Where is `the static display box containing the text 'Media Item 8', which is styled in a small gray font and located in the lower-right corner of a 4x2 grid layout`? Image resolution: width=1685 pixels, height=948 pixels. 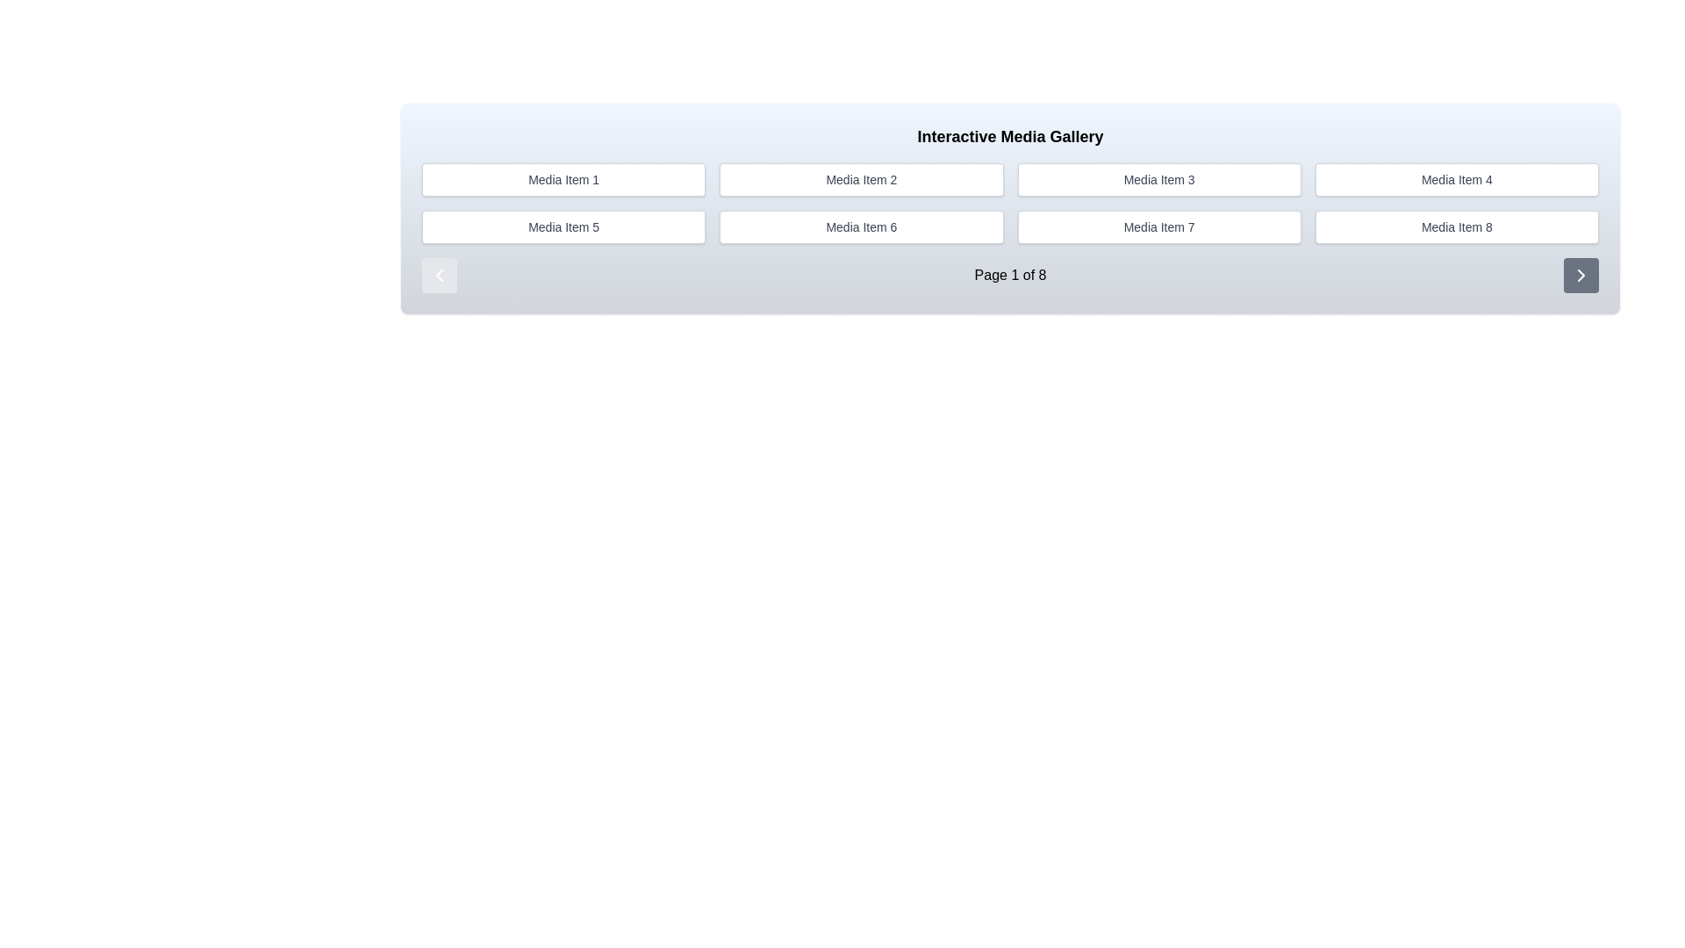
the static display box containing the text 'Media Item 8', which is styled in a small gray font and located in the lower-right corner of a 4x2 grid layout is located at coordinates (1457, 226).